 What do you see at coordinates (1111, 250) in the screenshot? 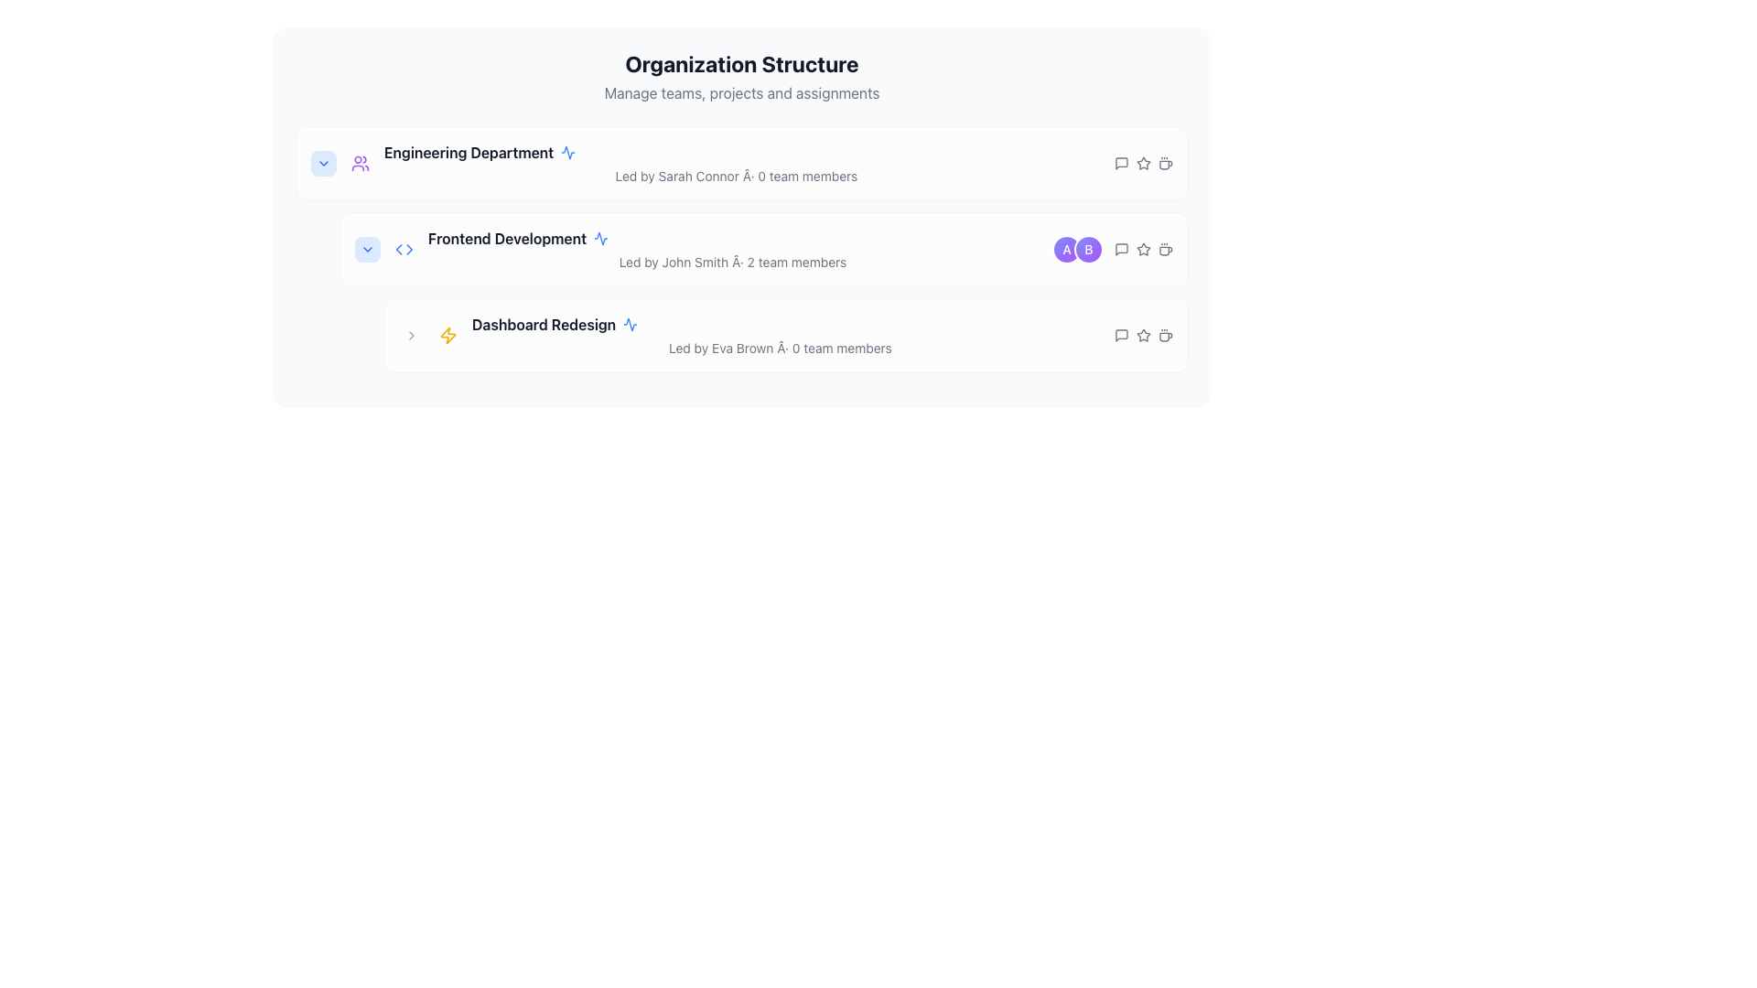
I see `the Avatar group component, which consists of two circular badges labeled 'A' and 'B' with a gradient background and white text, to view details` at bounding box center [1111, 250].